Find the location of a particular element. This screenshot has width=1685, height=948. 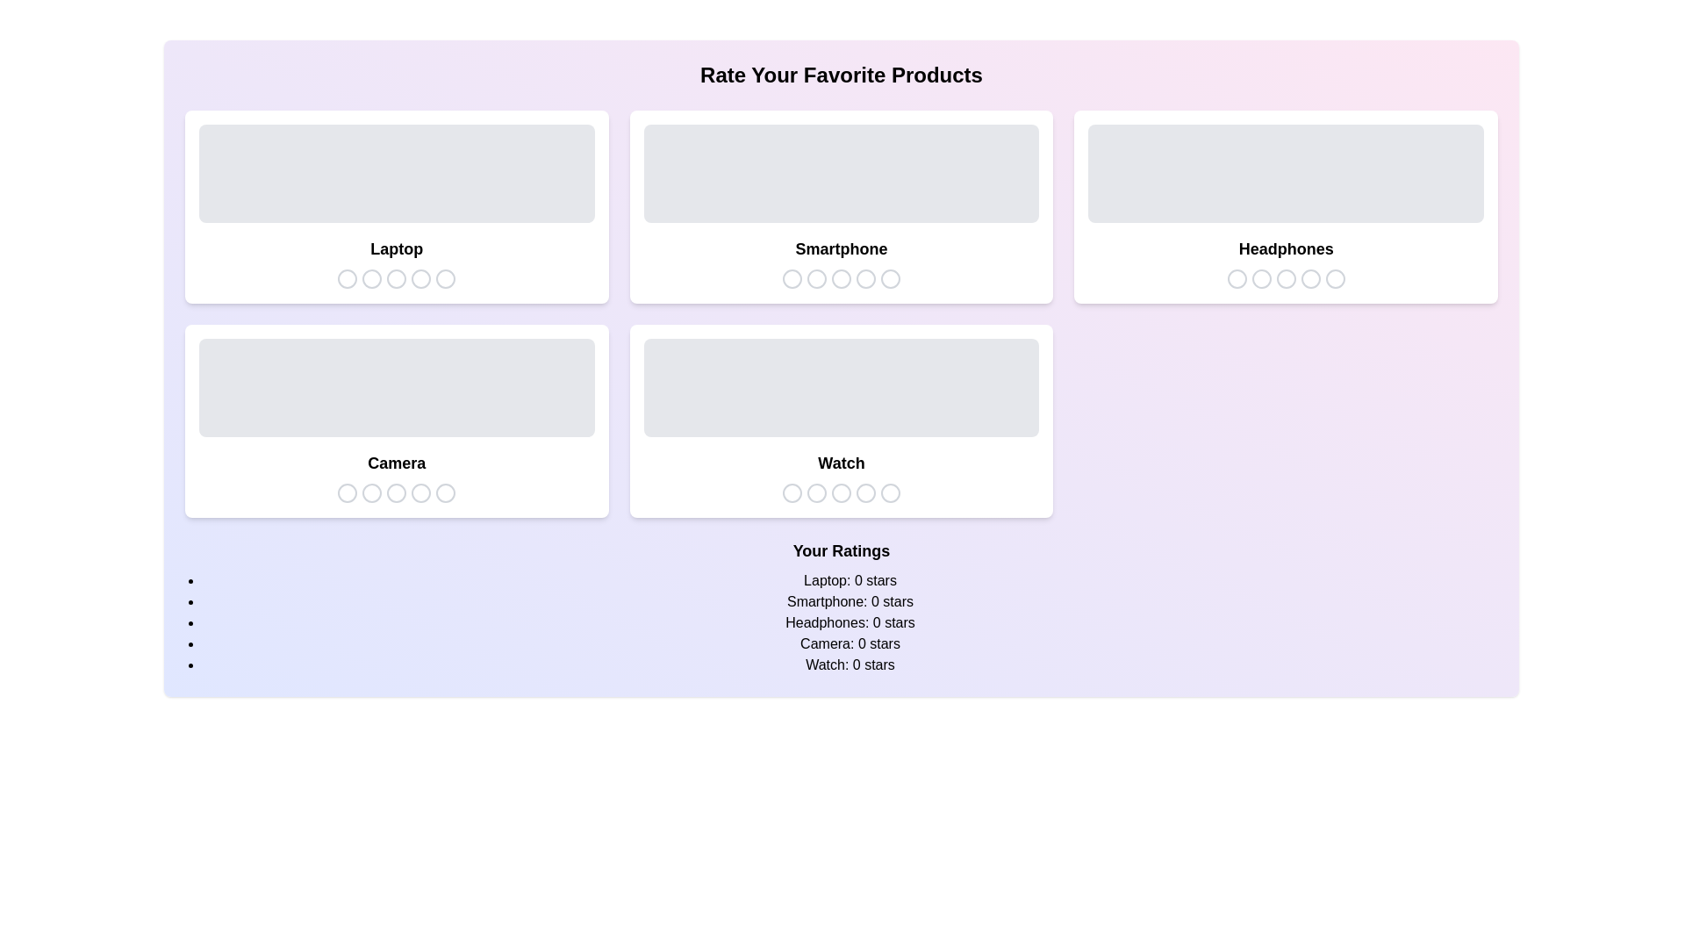

the star icon corresponding to 5 stars for the product Headphones is located at coordinates (1334, 277).